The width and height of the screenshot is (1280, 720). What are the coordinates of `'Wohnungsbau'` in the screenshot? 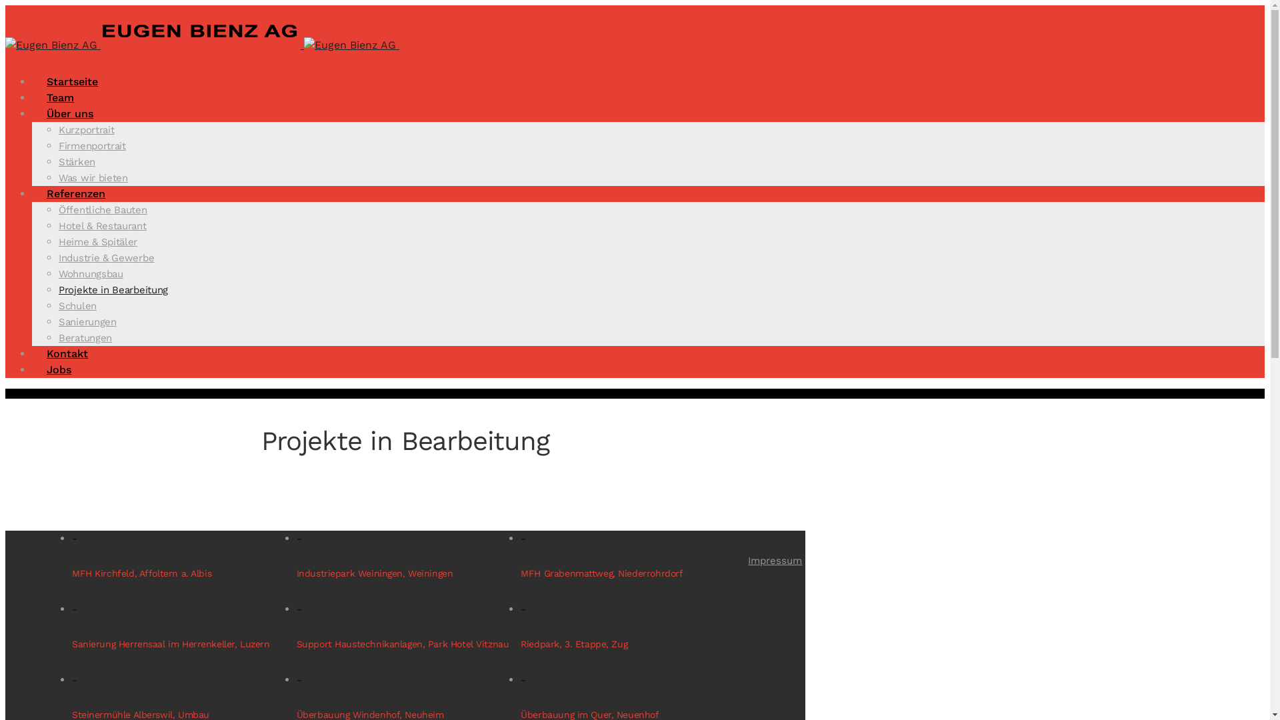 It's located at (90, 273).